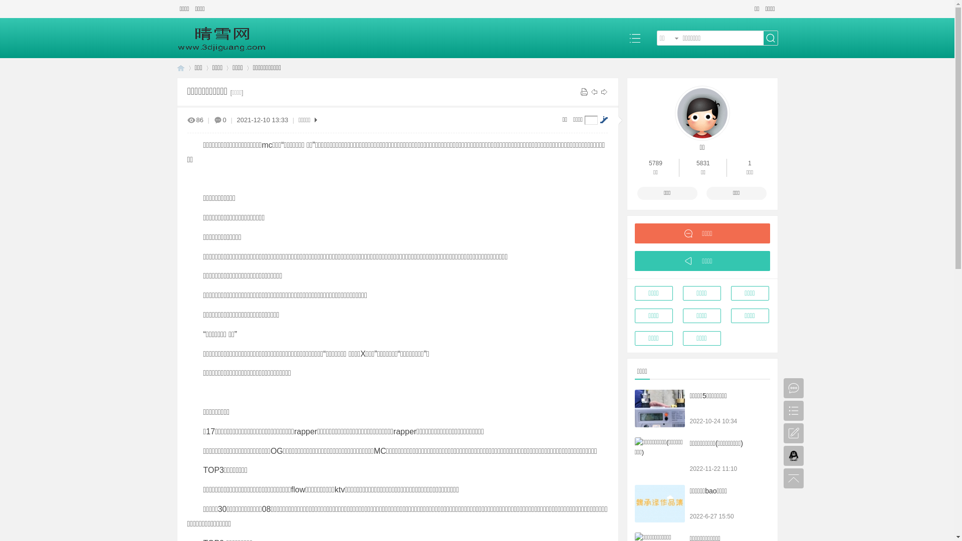  Describe the element at coordinates (655, 163) in the screenshot. I see `'5789'` at that location.